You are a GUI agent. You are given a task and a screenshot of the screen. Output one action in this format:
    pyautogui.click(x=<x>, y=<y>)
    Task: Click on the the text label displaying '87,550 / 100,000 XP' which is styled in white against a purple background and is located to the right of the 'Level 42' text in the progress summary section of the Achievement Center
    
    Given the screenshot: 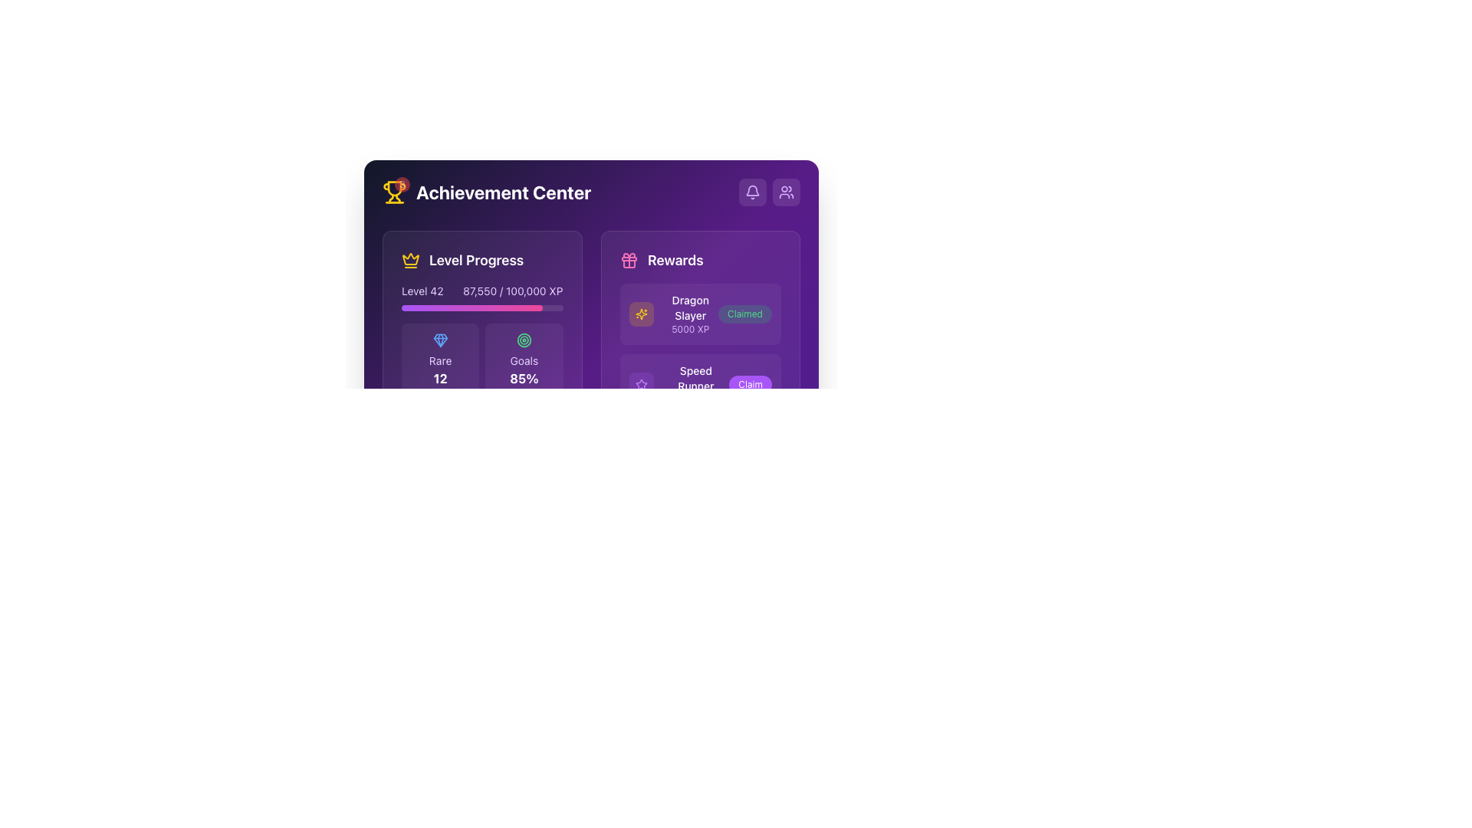 What is the action you would take?
    pyautogui.click(x=513, y=291)
    